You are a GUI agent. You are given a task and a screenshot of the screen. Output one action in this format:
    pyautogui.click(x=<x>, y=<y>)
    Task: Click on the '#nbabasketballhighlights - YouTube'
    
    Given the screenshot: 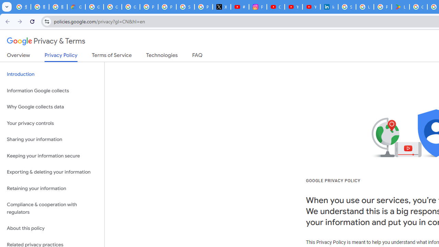 What is the action you would take?
    pyautogui.click(x=240, y=7)
    